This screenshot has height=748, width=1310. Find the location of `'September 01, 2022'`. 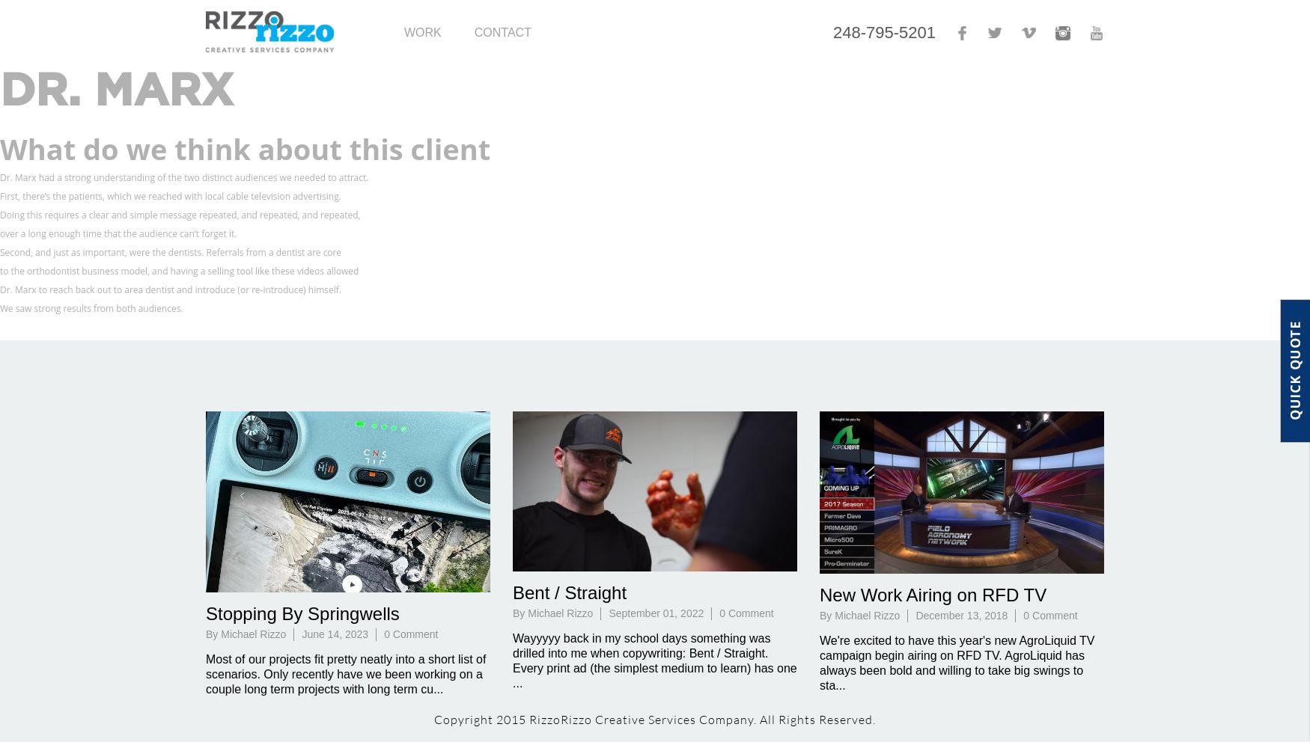

'September 01, 2022' is located at coordinates (608, 612).